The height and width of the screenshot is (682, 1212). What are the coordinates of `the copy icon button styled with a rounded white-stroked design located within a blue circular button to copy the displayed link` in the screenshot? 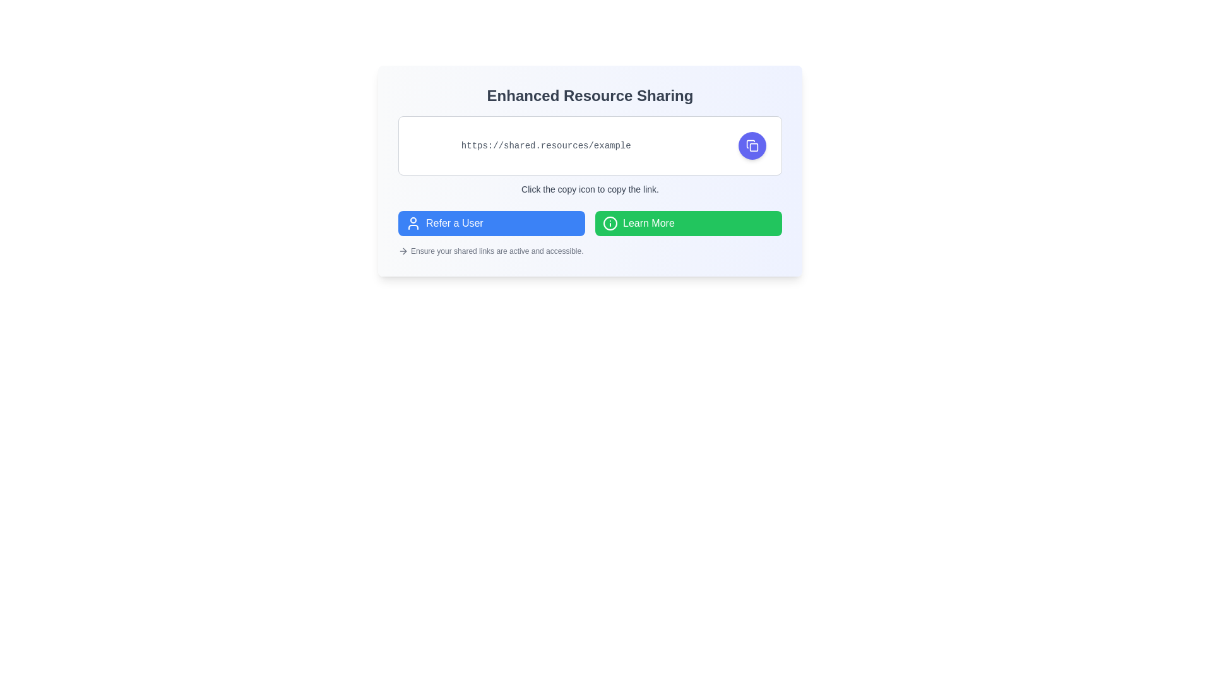 It's located at (752, 145).